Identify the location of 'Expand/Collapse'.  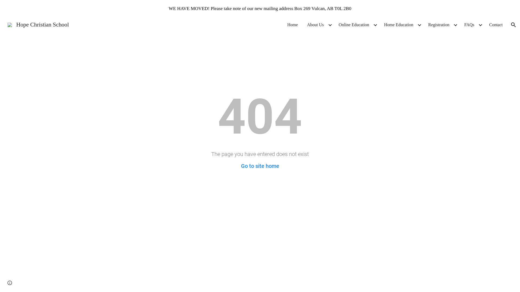
(480, 25).